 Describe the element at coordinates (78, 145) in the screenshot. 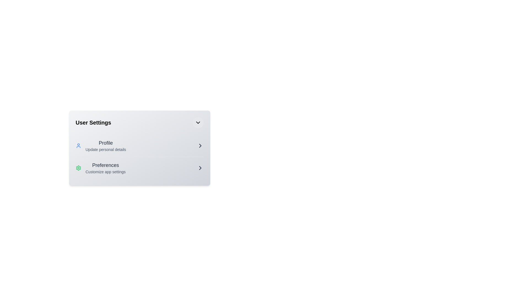

I see `the user profile icon, which is styled in blue with a circular head shape and located in the 'User Settings' section next to 'Profile' and 'Update personal details'` at that location.